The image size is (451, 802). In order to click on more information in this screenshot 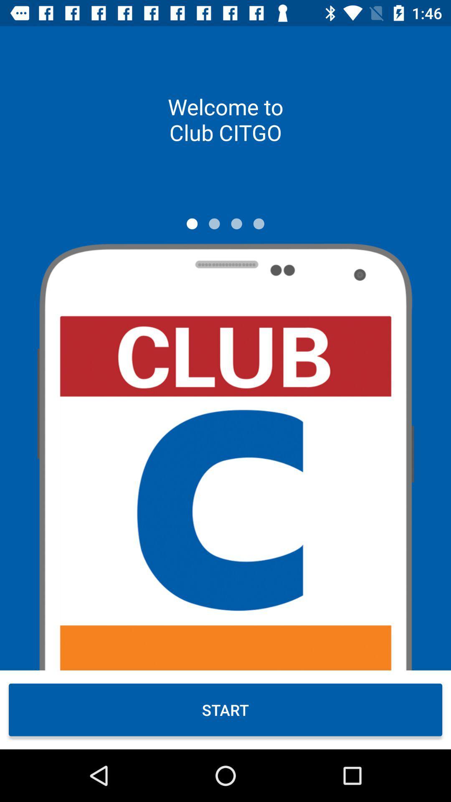, I will do `click(258, 223)`.